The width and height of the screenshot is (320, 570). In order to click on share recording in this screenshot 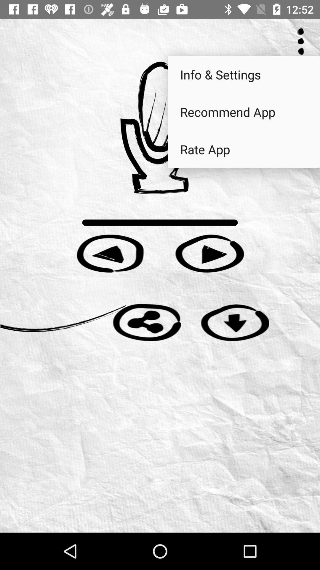, I will do `click(147, 322)`.